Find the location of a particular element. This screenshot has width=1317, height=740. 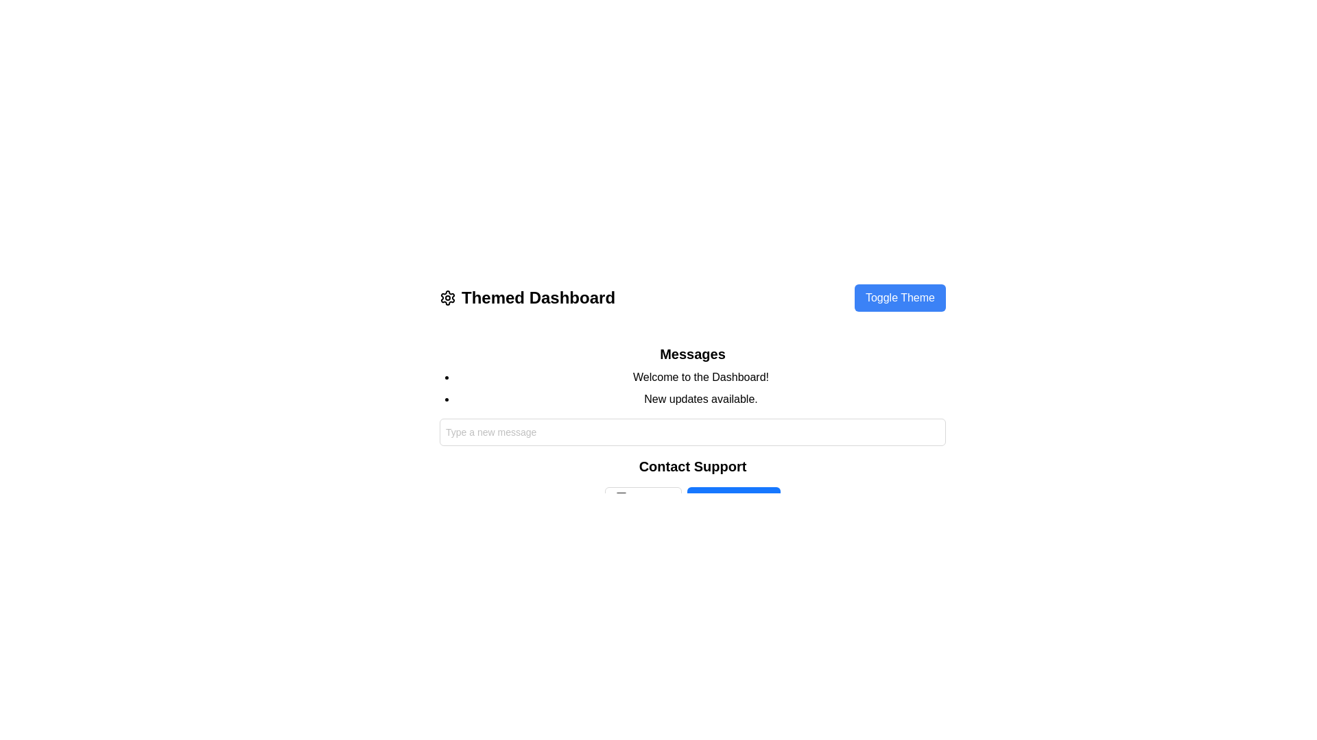

the gear-shaped icon representing settings functionality, positioned to the left of the title 'Themed Dashboard' in the header section, for navigation is located at coordinates (447, 297).